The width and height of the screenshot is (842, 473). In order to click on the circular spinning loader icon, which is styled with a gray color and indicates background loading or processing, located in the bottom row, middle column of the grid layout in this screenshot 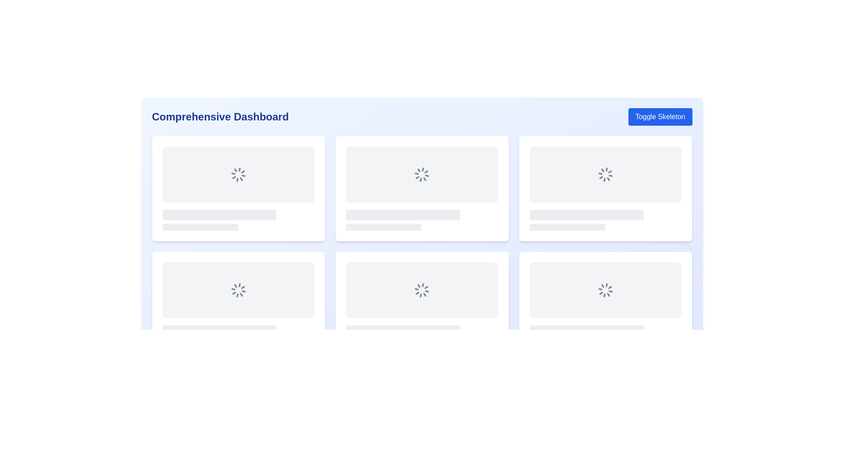, I will do `click(422, 290)`.